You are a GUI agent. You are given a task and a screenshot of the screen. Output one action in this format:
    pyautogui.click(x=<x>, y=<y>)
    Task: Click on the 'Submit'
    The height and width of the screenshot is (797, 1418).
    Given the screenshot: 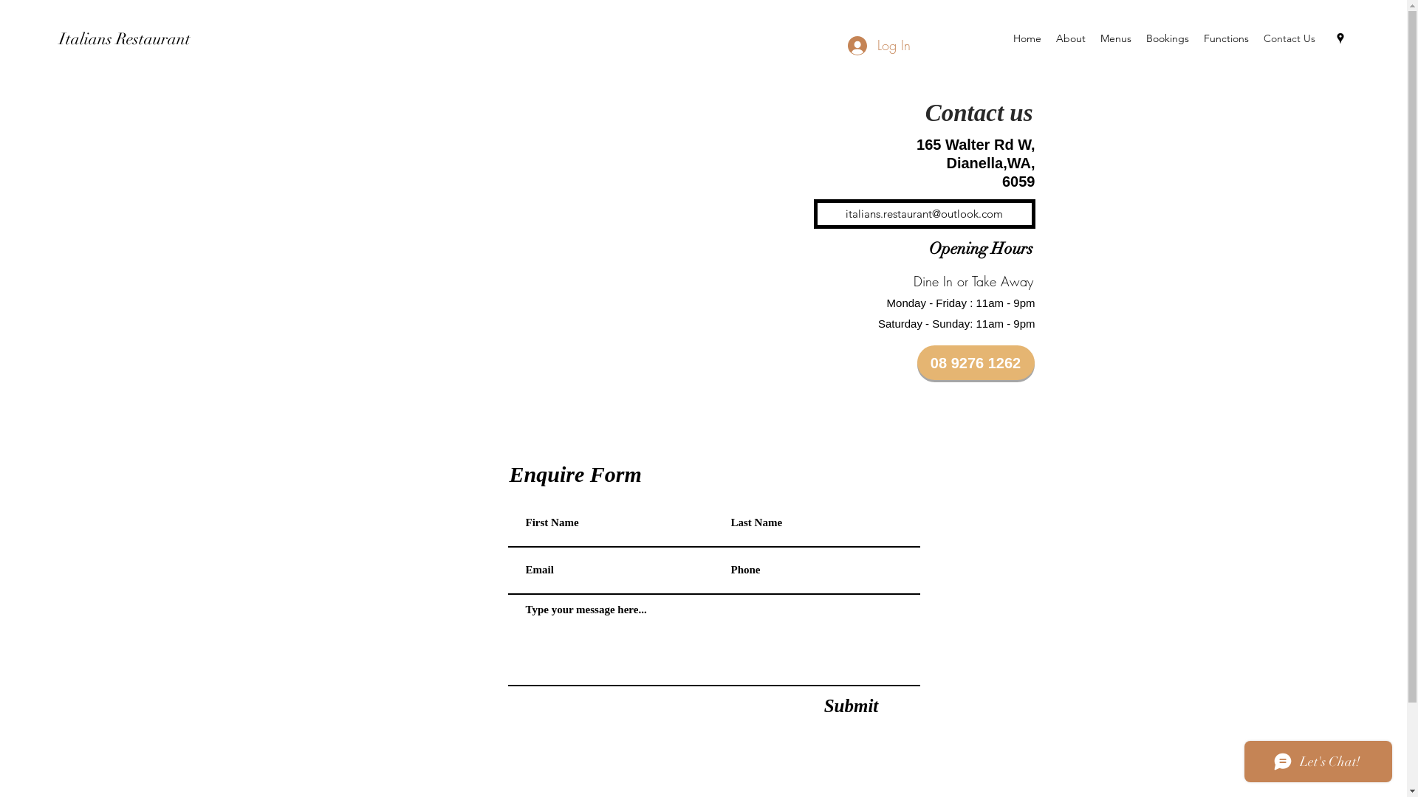 What is the action you would take?
    pyautogui.click(x=851, y=705)
    